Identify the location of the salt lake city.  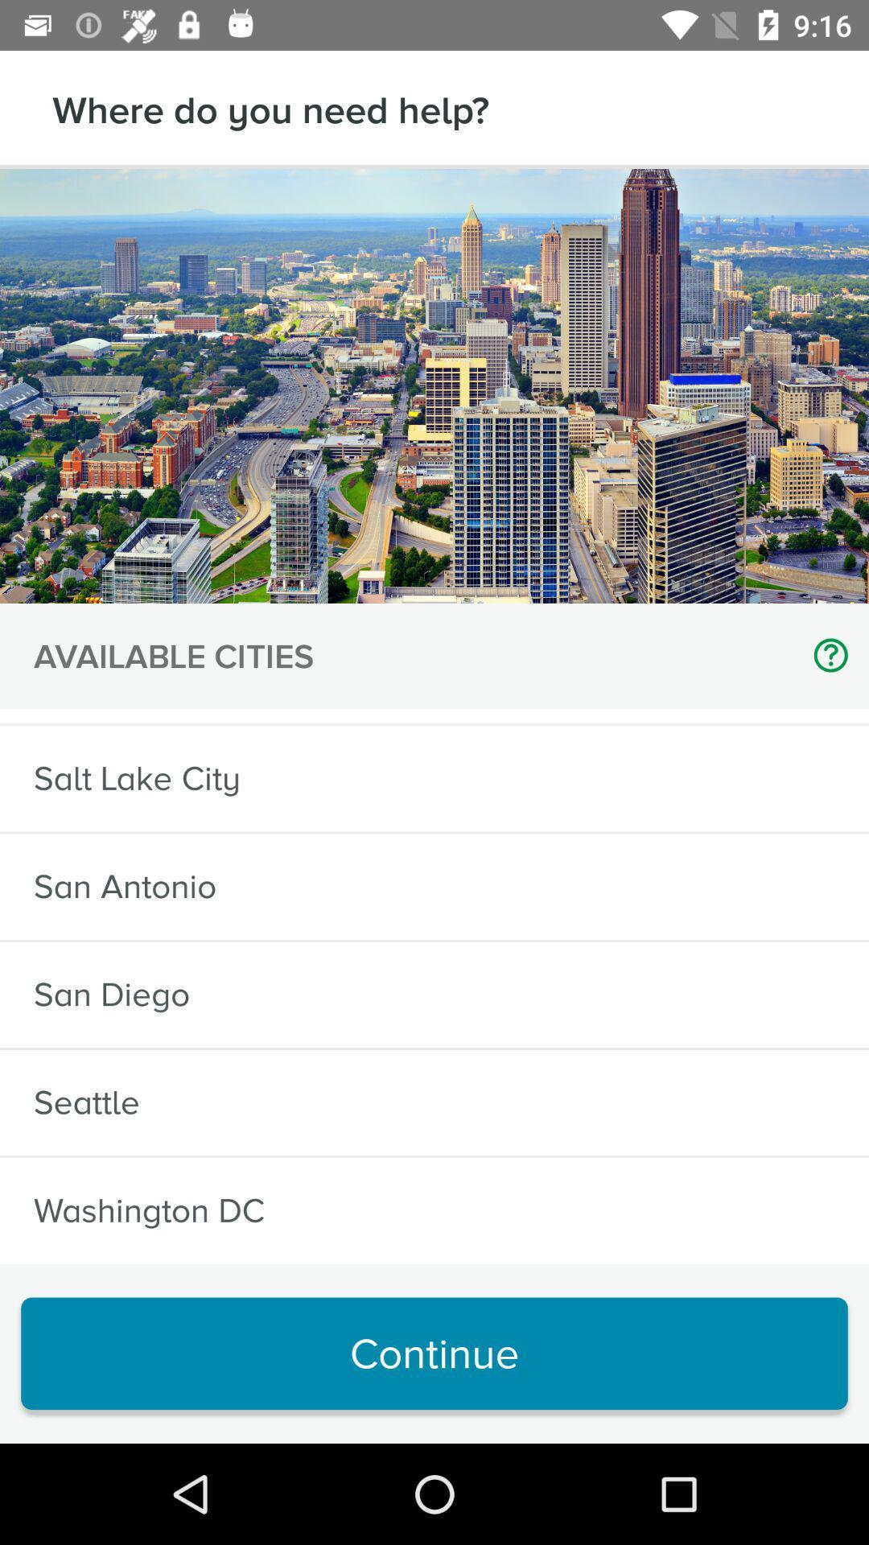
(136, 778).